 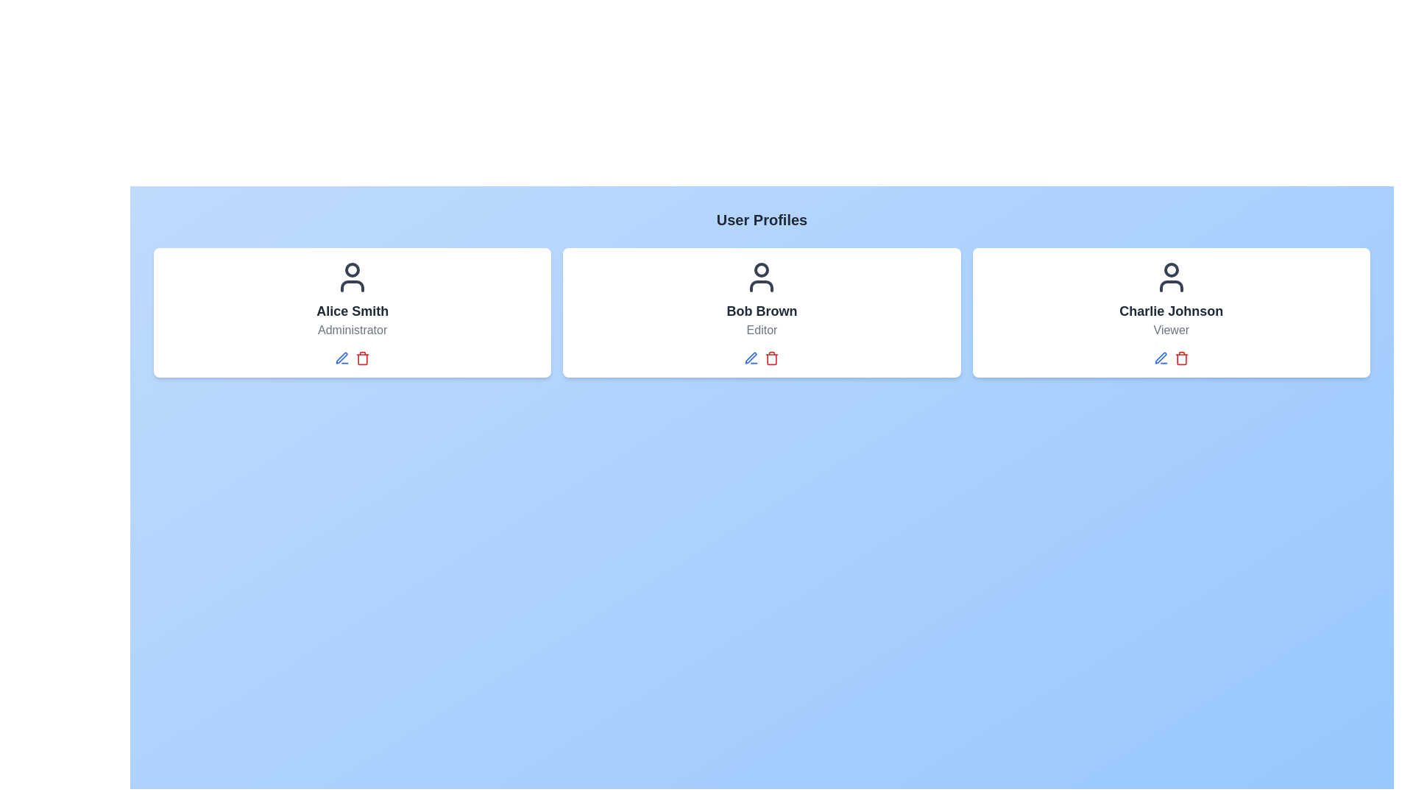 I want to click on the static text label displaying the user's full name in the user profile card, which is positioned below the user icon and above the 'Administrator' label, so click(x=352, y=311).